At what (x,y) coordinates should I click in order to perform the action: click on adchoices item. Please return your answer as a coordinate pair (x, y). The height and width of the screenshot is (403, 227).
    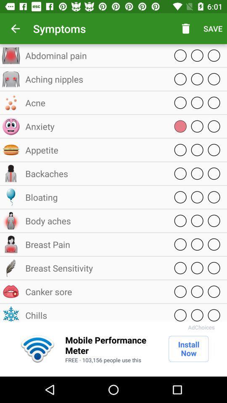
    Looking at the image, I should click on (201, 327).